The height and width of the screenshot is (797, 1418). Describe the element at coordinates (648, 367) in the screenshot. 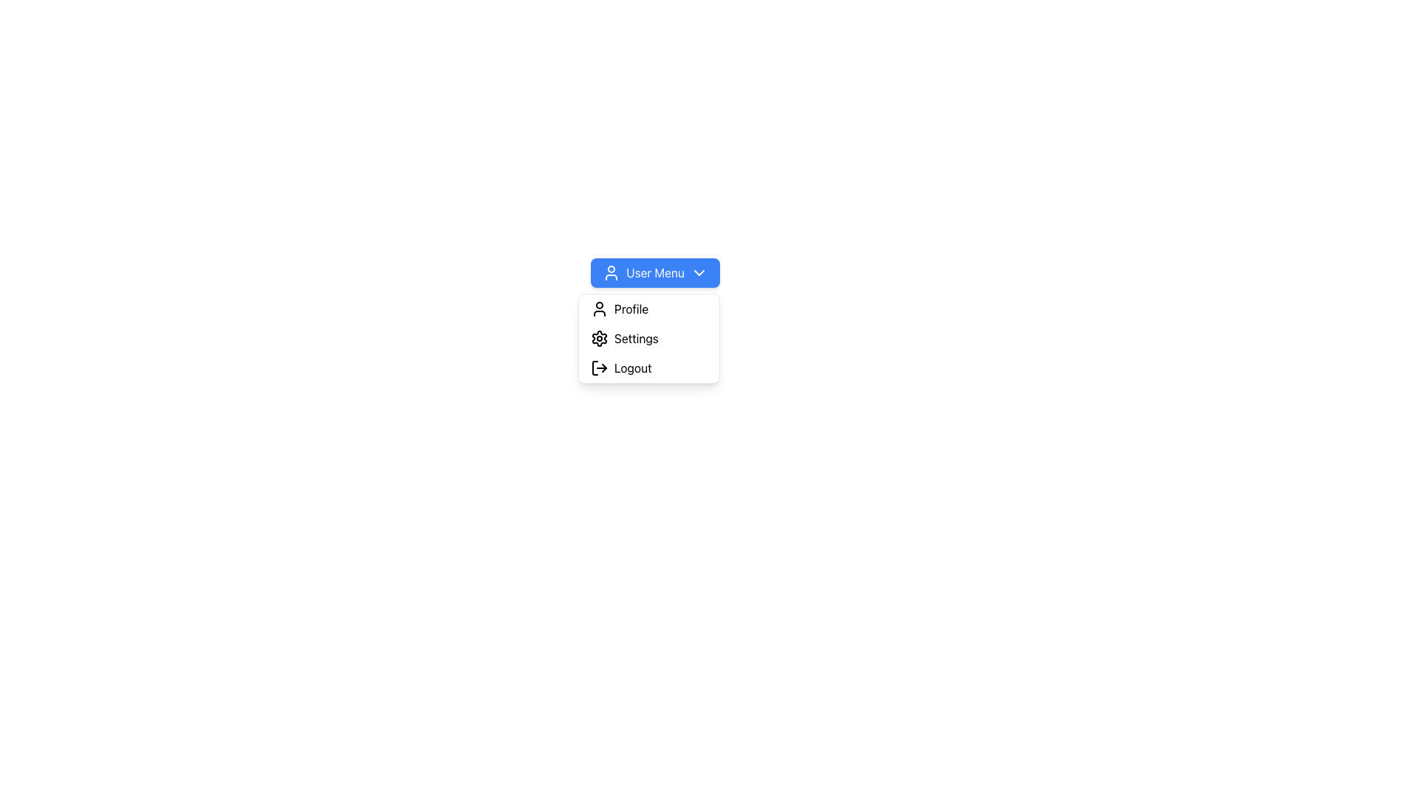

I see `the 'Logout' menu item, which is the third and last item in the vertical dropdown under the 'User Menu', featuring a log-out icon and the text 'Logout'` at that location.